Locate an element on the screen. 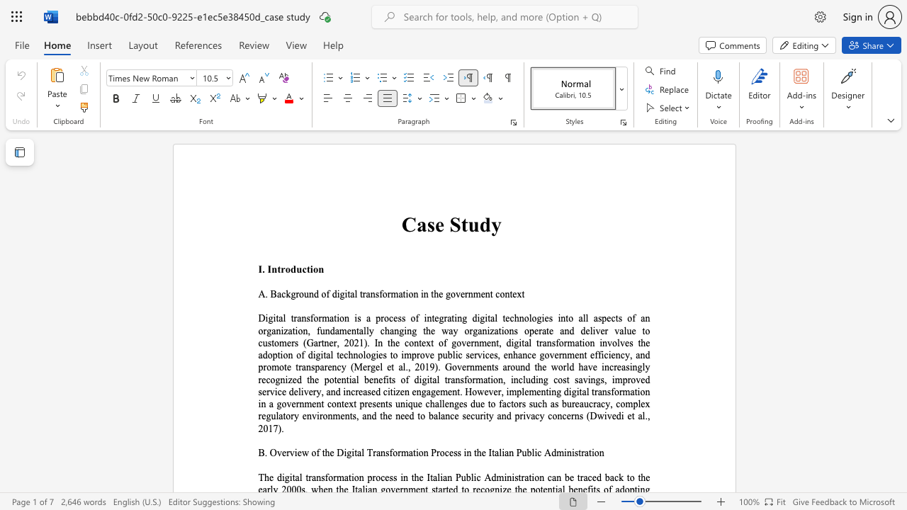 This screenshot has height=510, width=907. the 3th character "s" in the text is located at coordinates (459, 453).